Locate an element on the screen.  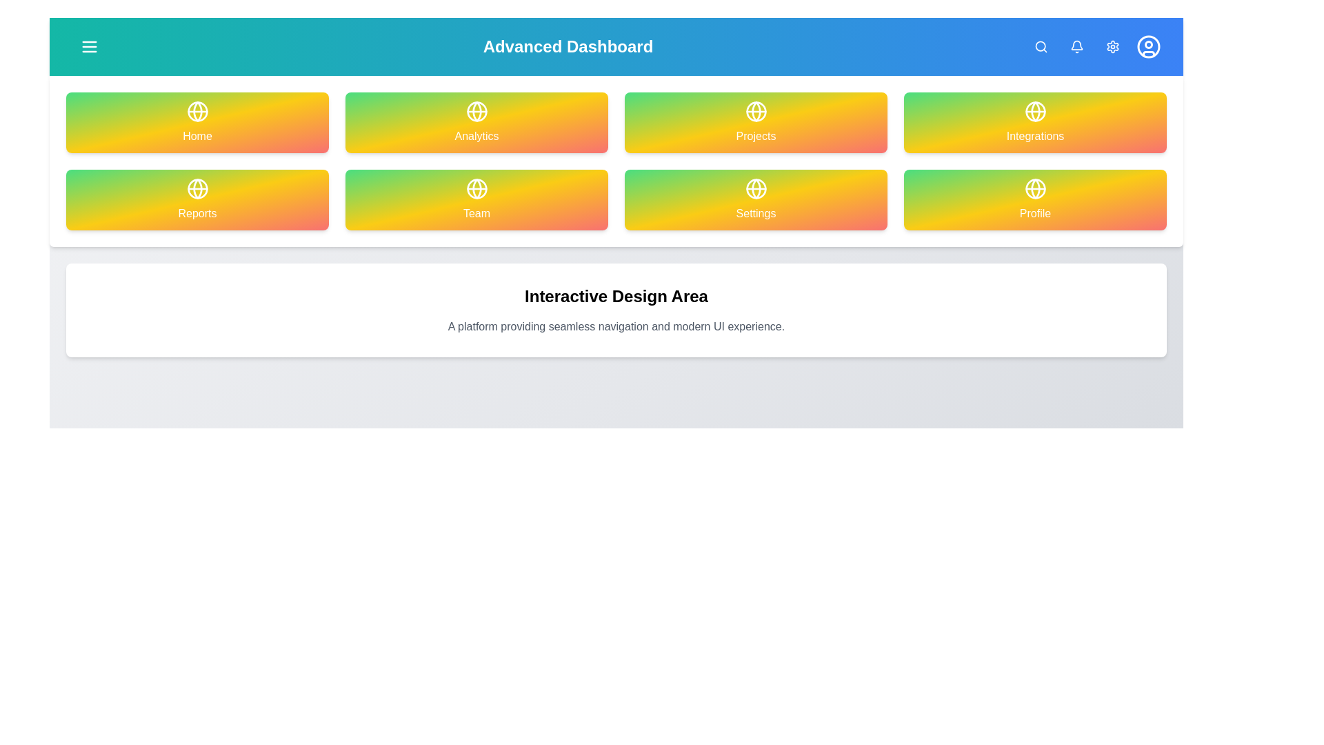
the navigation item labeled Settings is located at coordinates (755, 199).